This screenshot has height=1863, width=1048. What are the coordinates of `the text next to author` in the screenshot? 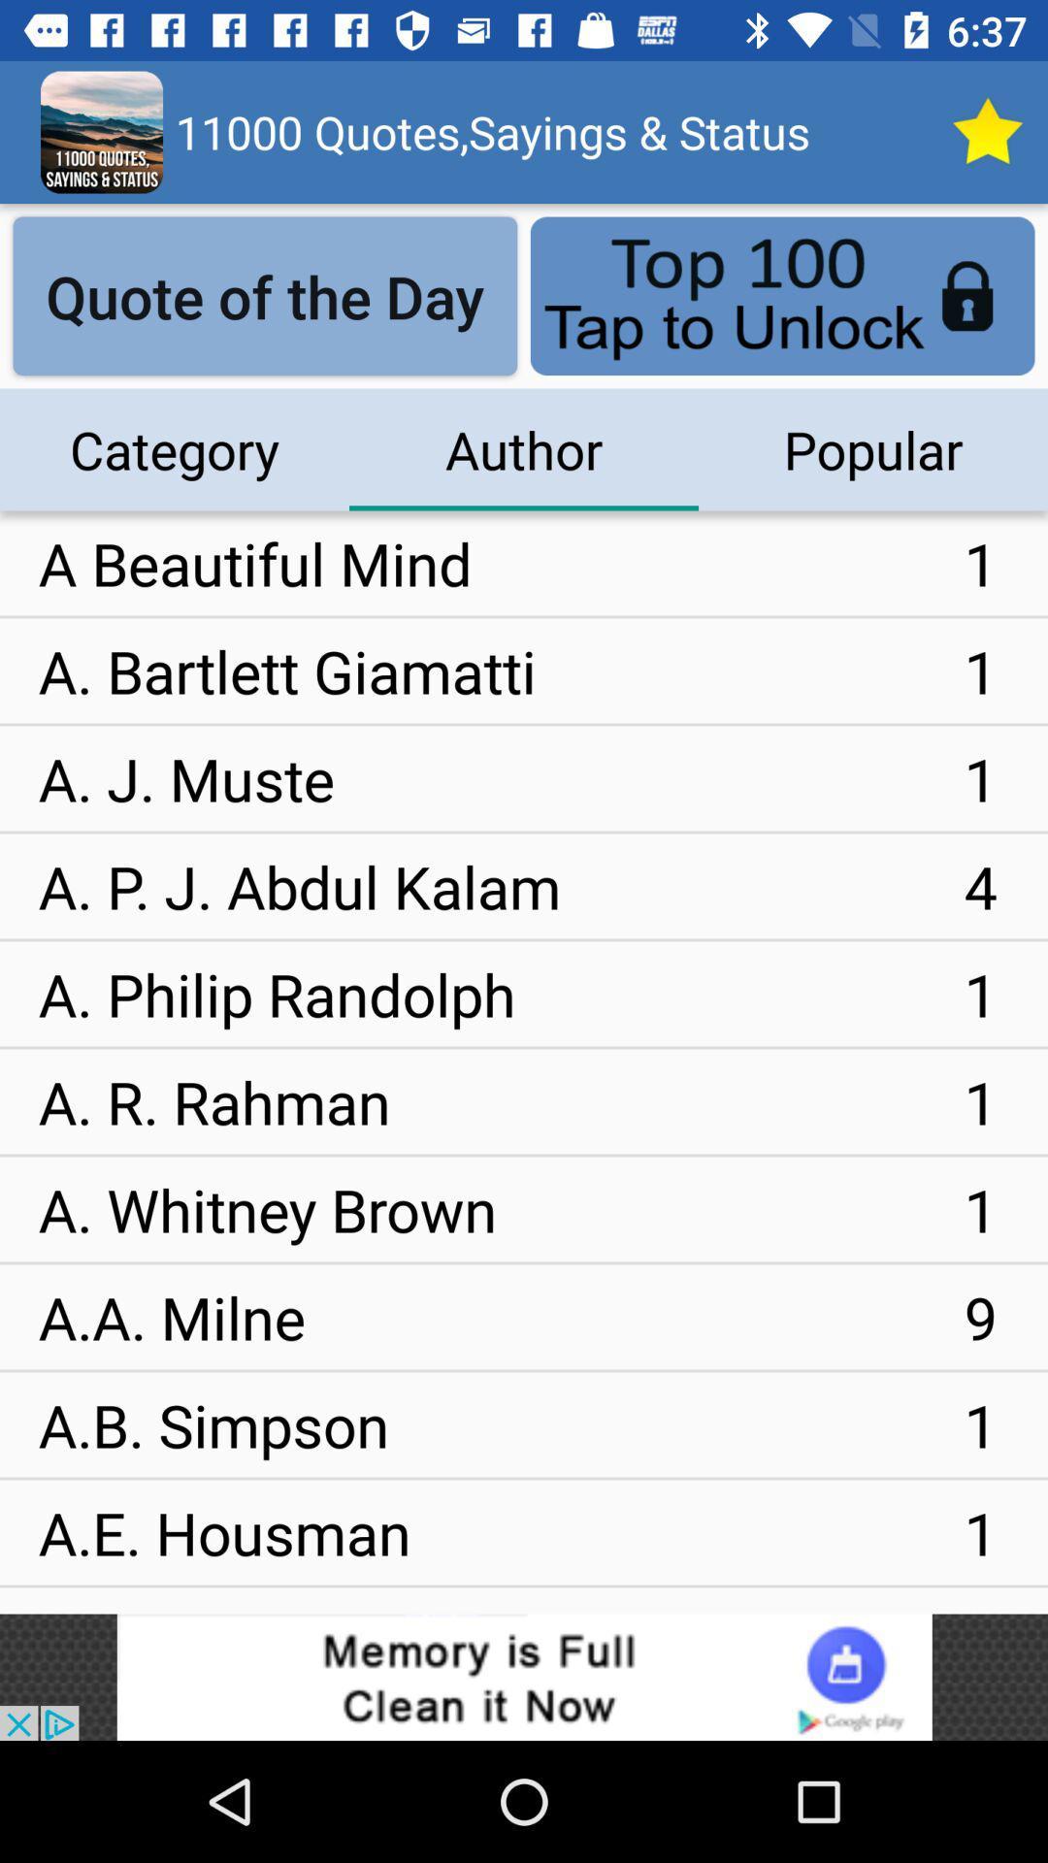 It's located at (871, 449).